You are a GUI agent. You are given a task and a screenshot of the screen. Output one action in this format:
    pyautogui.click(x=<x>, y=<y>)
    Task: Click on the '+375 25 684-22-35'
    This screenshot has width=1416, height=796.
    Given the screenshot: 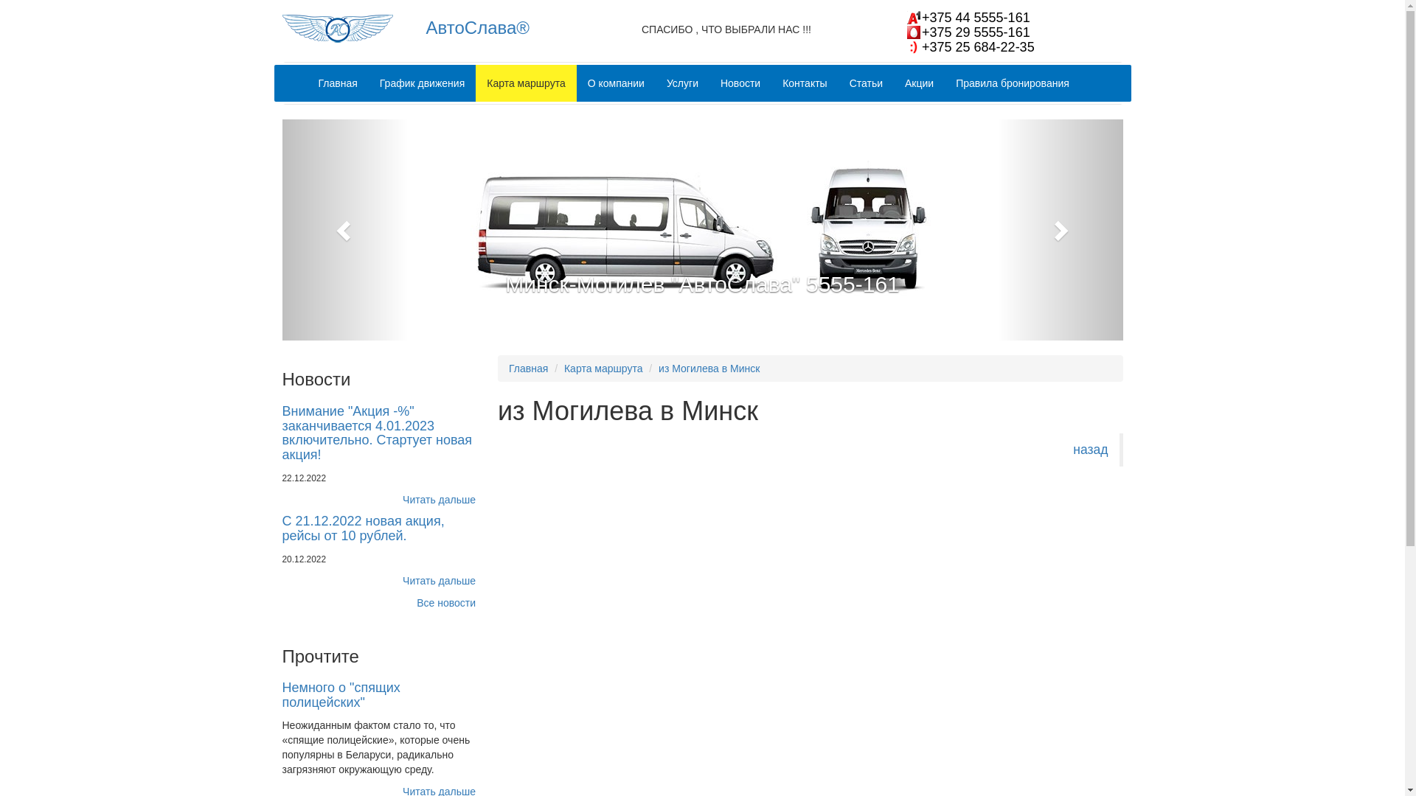 What is the action you would take?
    pyautogui.click(x=971, y=46)
    